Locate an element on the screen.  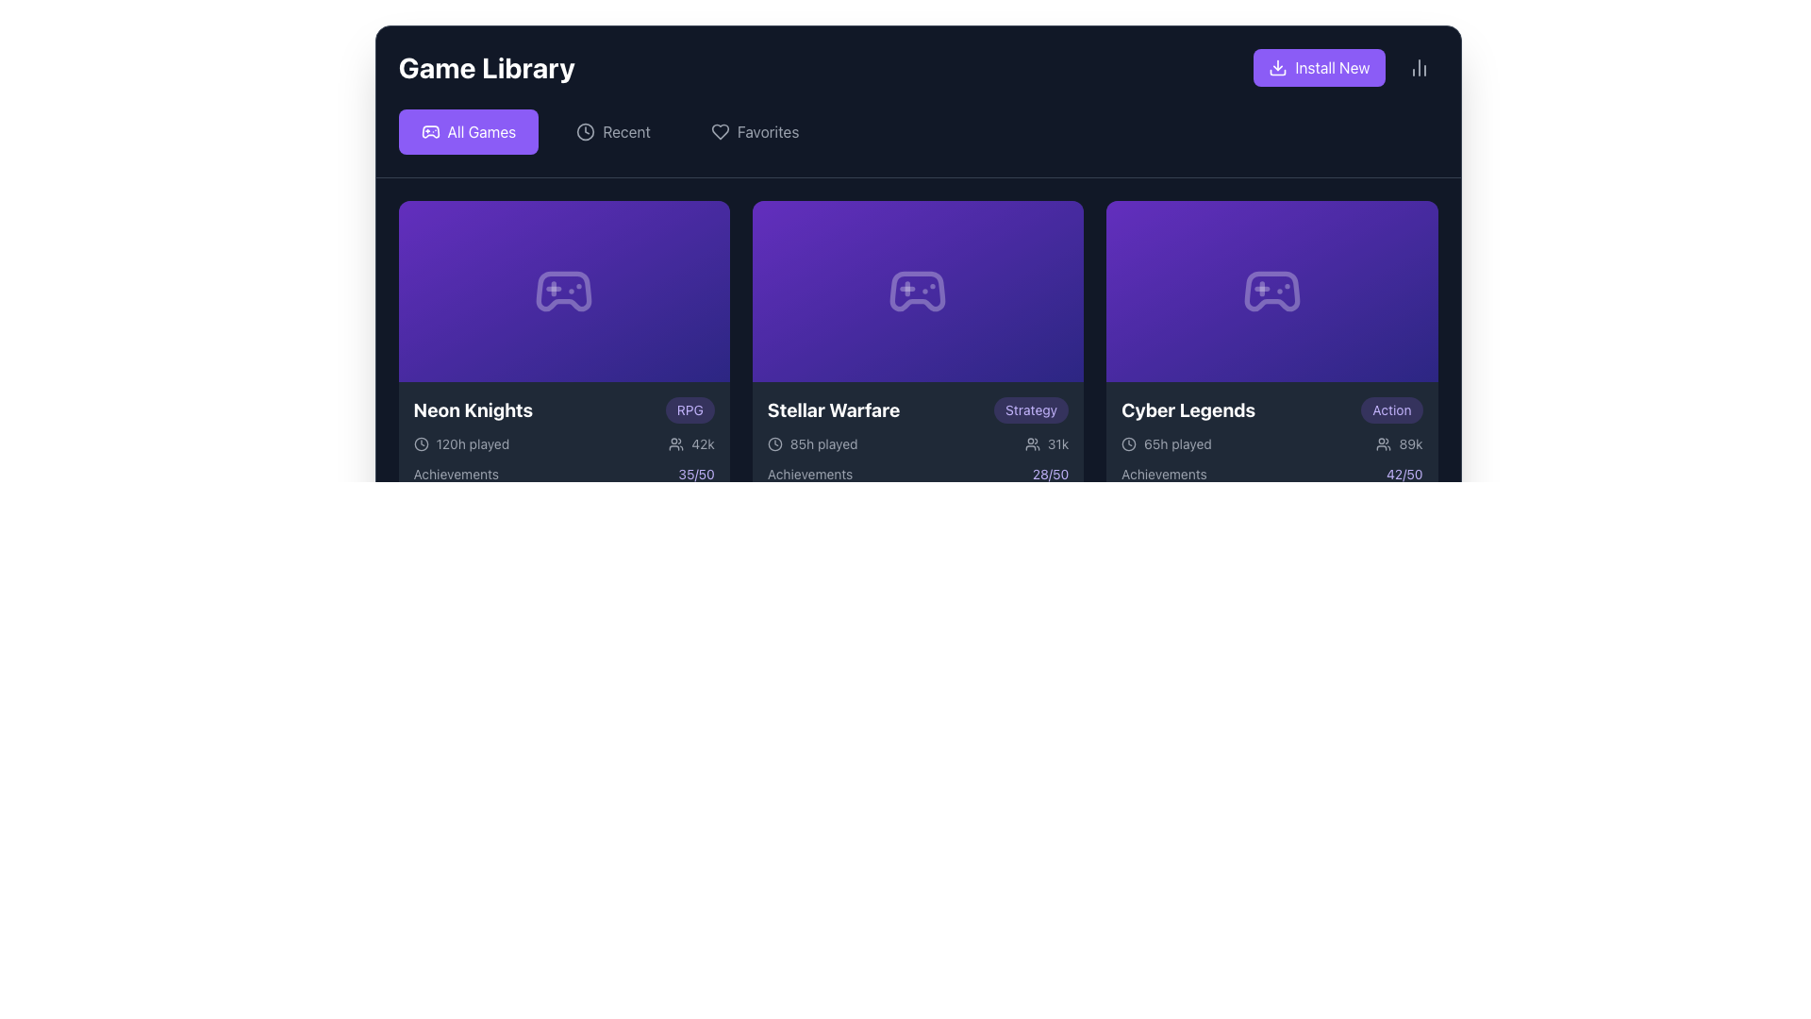
the decorative icon that indicates the content of the card for the game 'Neon Knights' in the Game Library interface, which is centered on the purple card background above the game title is located at coordinates (563, 291).